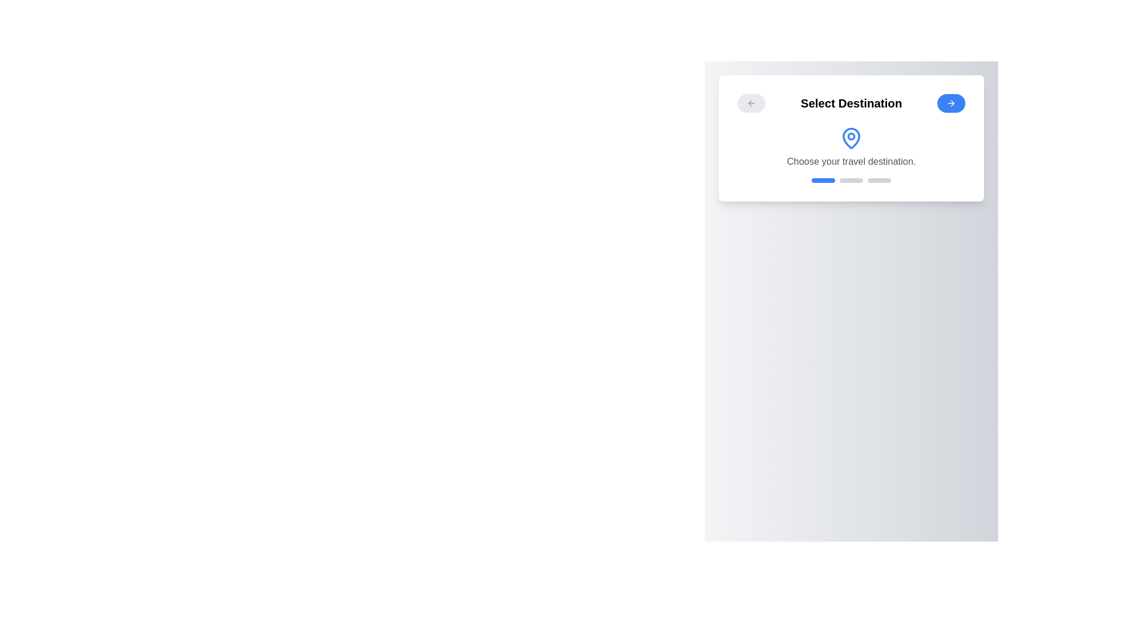 This screenshot has height=631, width=1122. Describe the element at coordinates (951, 103) in the screenshot. I see `the button located at the far-right end of the horizontal bar` at that location.